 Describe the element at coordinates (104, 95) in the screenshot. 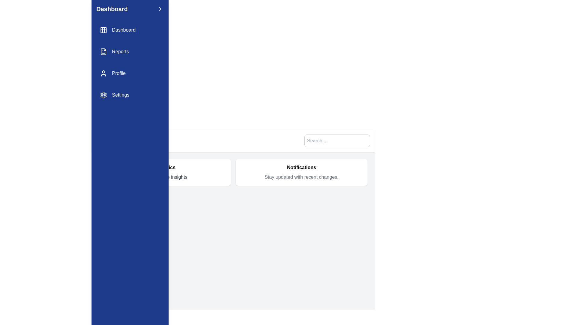

I see `the gear icon located at the top of the 'Settings' menu item in the vertical navigation pane` at that location.